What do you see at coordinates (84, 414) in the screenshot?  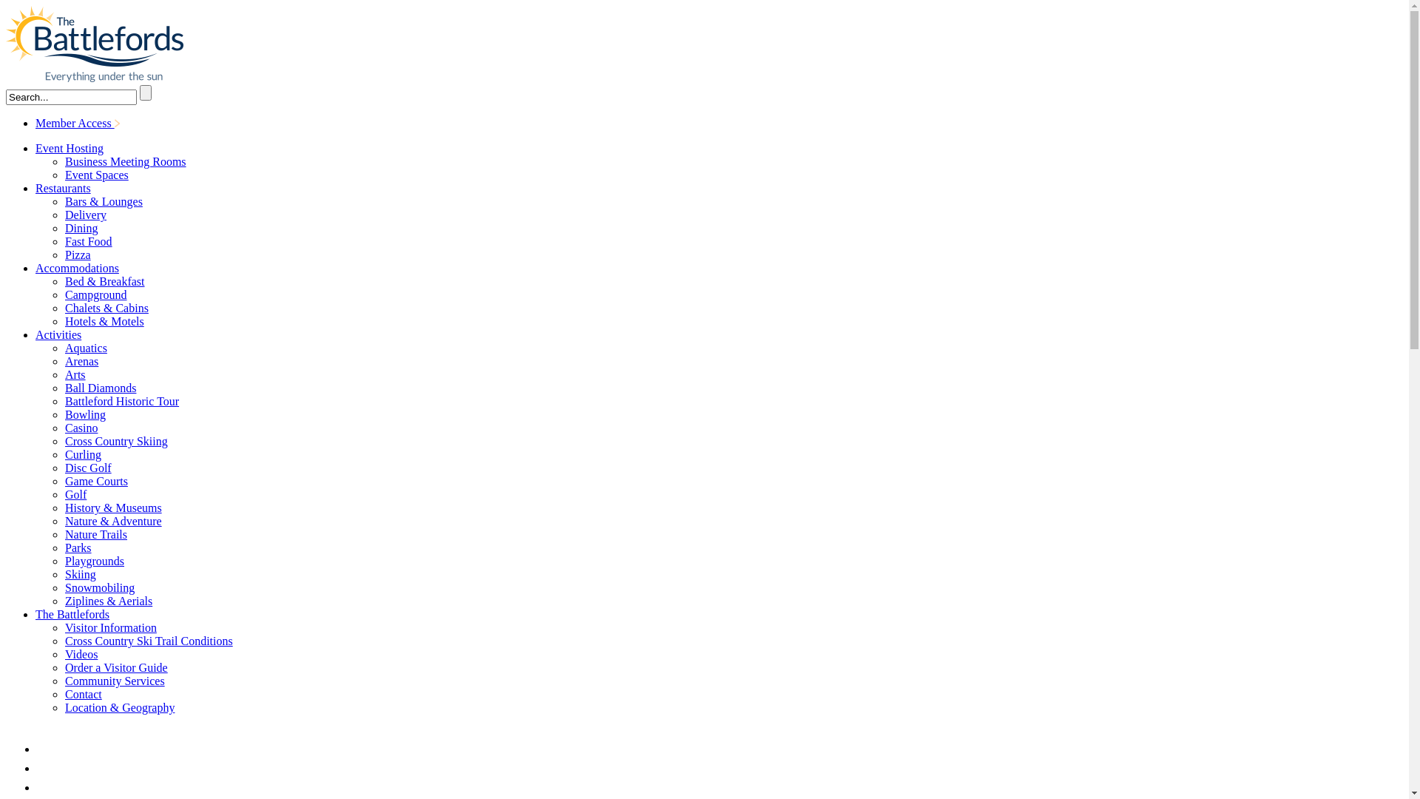 I see `'Bowling'` at bounding box center [84, 414].